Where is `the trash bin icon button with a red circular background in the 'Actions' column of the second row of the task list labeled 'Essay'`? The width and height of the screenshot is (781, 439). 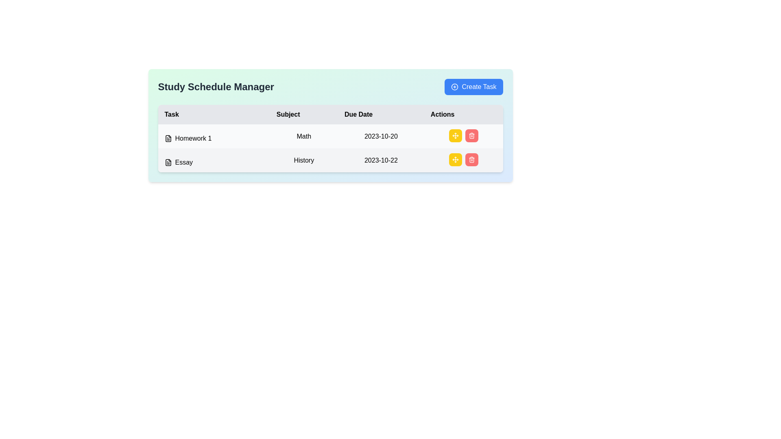 the trash bin icon button with a red circular background in the 'Actions' column of the second row of the task list labeled 'Essay' is located at coordinates (471, 135).